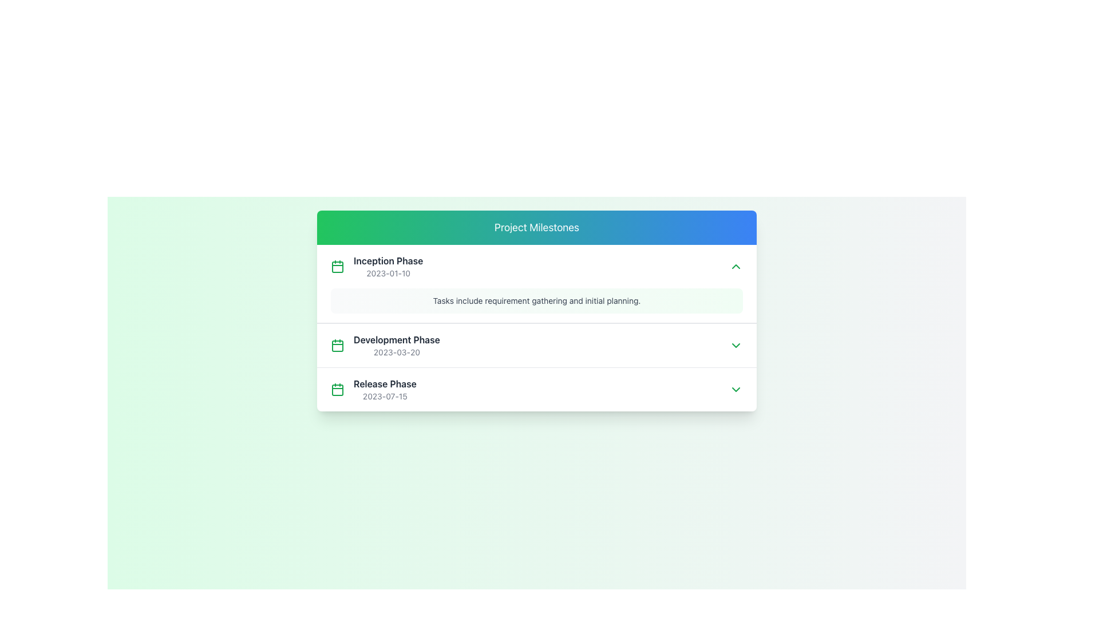 This screenshot has height=618, width=1099. What do you see at coordinates (536, 345) in the screenshot?
I see `the milestone entry titled 'Development Phase' to read the title and associated date information` at bounding box center [536, 345].